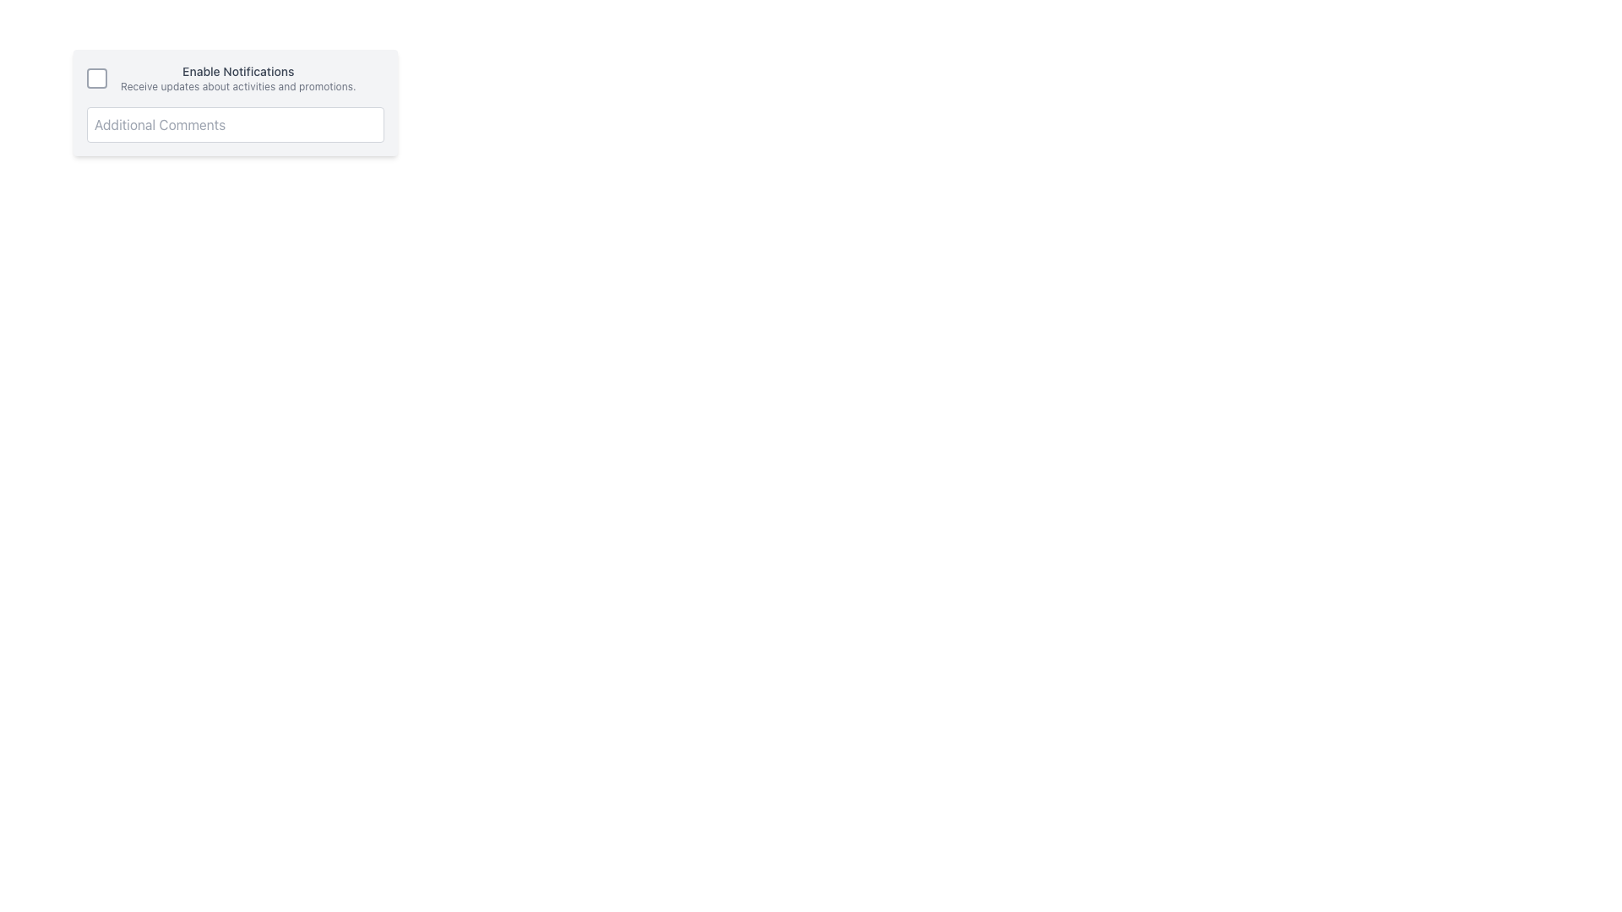  I want to click on the text block that reads 'Enable Notifications' with bolded black text and a smaller lighter gray text below it, so click(234, 78).